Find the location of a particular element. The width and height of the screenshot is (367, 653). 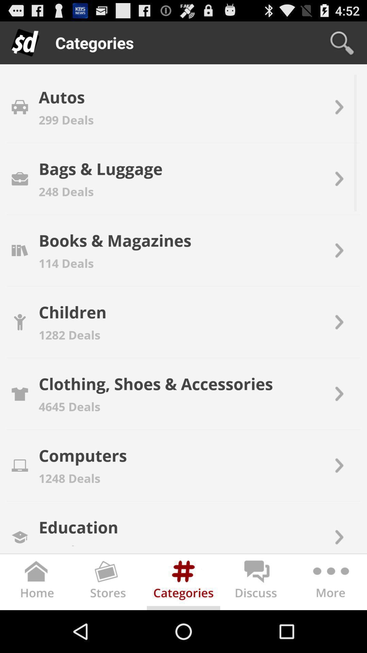

the more icon is located at coordinates (330, 624).